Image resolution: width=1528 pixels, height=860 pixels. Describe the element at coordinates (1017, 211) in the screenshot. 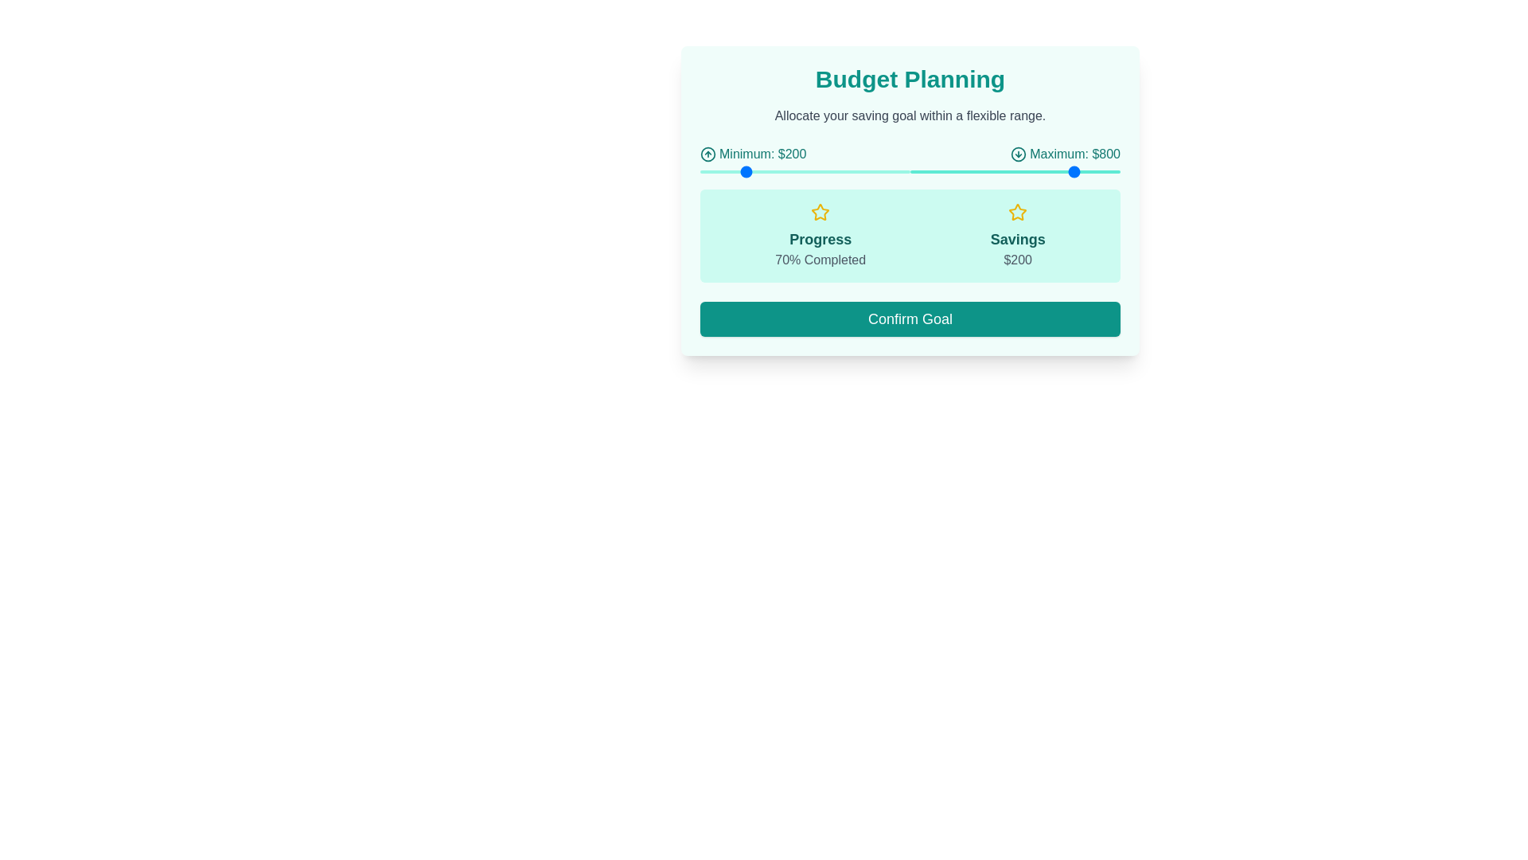

I see `properties of the star icon representing the 'Savings' section, located centrally above the '$200' text` at that location.